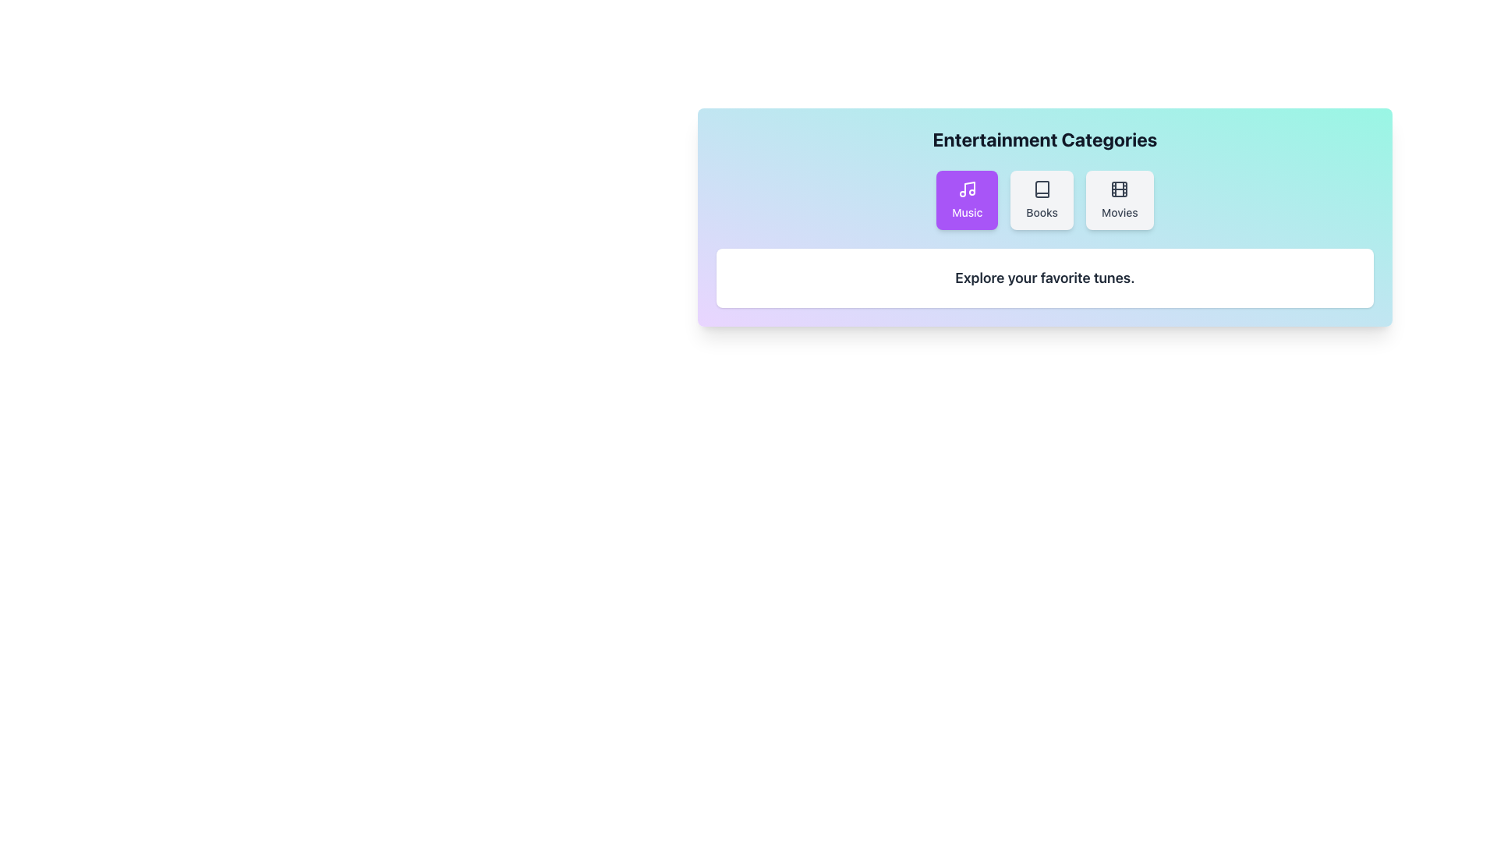  I want to click on the 'Books' button, which is a rectangular button with a light gray background and rounded corners, positioned in the middle of the 'Entertainment Categories' group, so click(1042, 200).